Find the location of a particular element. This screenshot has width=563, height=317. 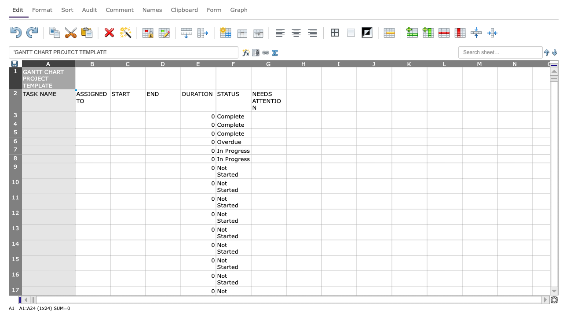

column D's width resize handle is located at coordinates (180, 63).